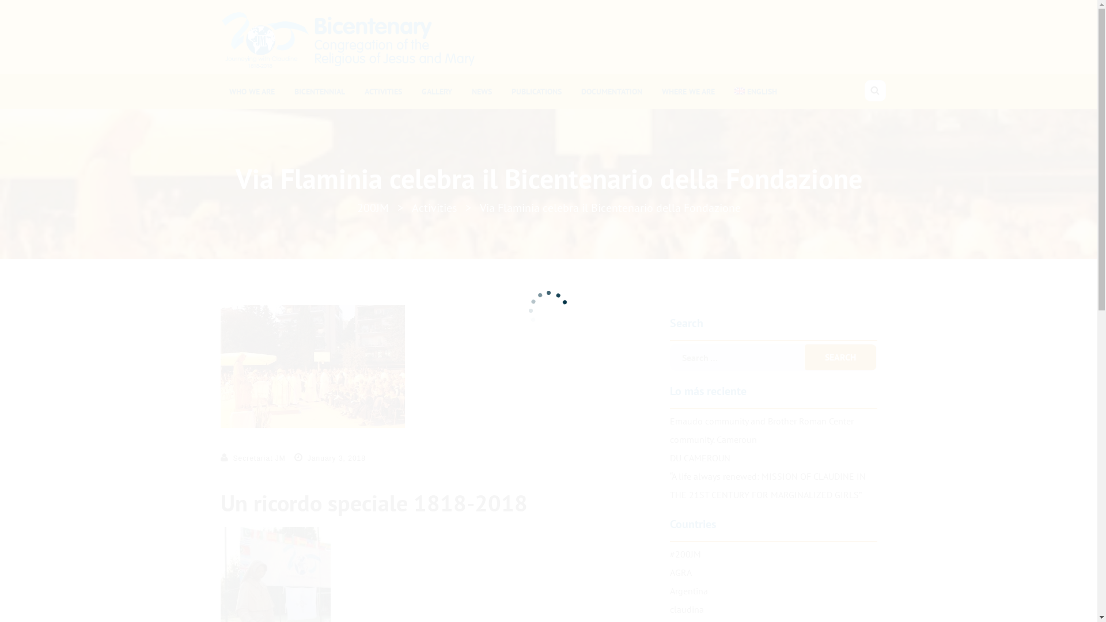 The image size is (1106, 622). What do you see at coordinates (307, 457) in the screenshot?
I see `'January 3, 2018'` at bounding box center [307, 457].